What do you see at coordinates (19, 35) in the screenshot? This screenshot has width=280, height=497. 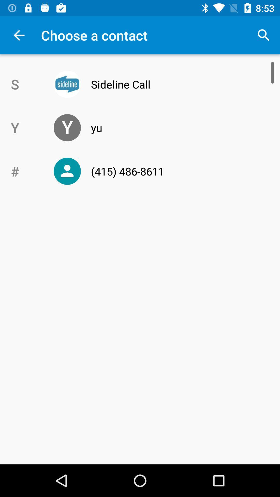 I see `the app above the s icon` at bounding box center [19, 35].